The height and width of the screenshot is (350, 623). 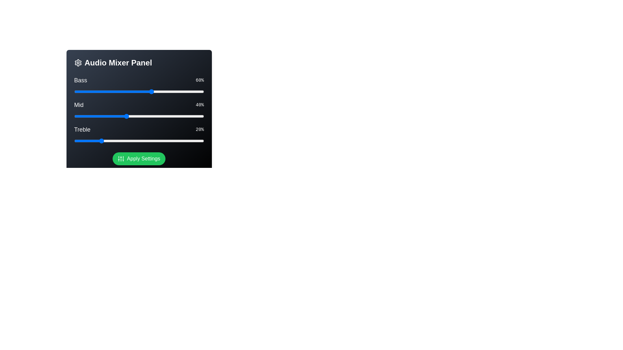 What do you see at coordinates (141, 141) in the screenshot?
I see `the Treble slider to 52%` at bounding box center [141, 141].